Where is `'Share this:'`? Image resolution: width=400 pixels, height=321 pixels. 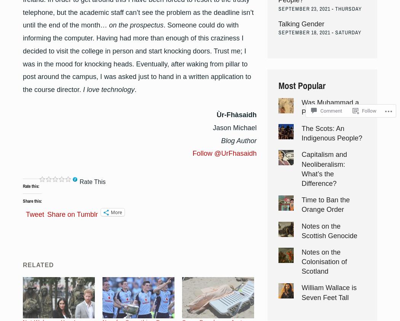
'Share this:' is located at coordinates (32, 200).